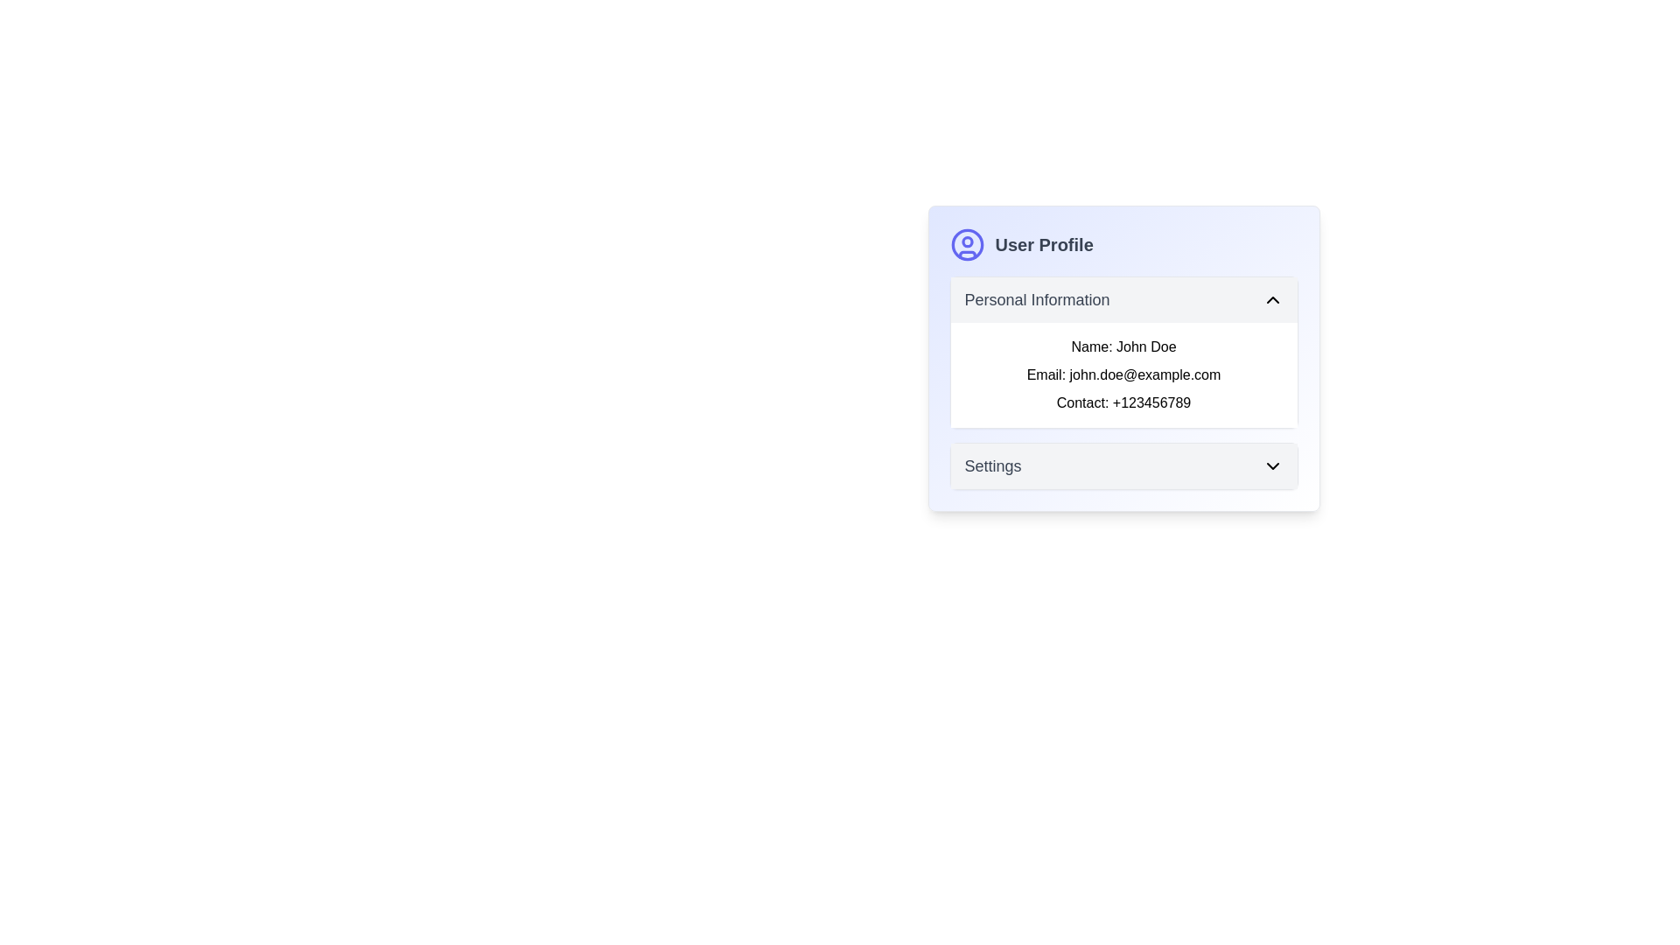  Describe the element at coordinates (1044, 245) in the screenshot. I see `the static text label that displays the title of the user profile section, located to the right of the circular user icon in the top-left section of the user profile card layout` at that location.